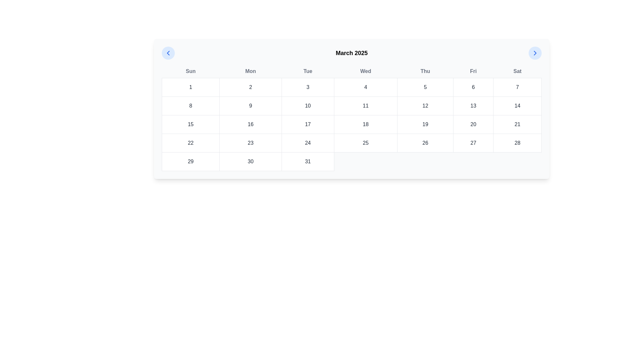 This screenshot has height=352, width=625. What do you see at coordinates (168, 52) in the screenshot?
I see `the button on the left end of the horizontal row` at bounding box center [168, 52].